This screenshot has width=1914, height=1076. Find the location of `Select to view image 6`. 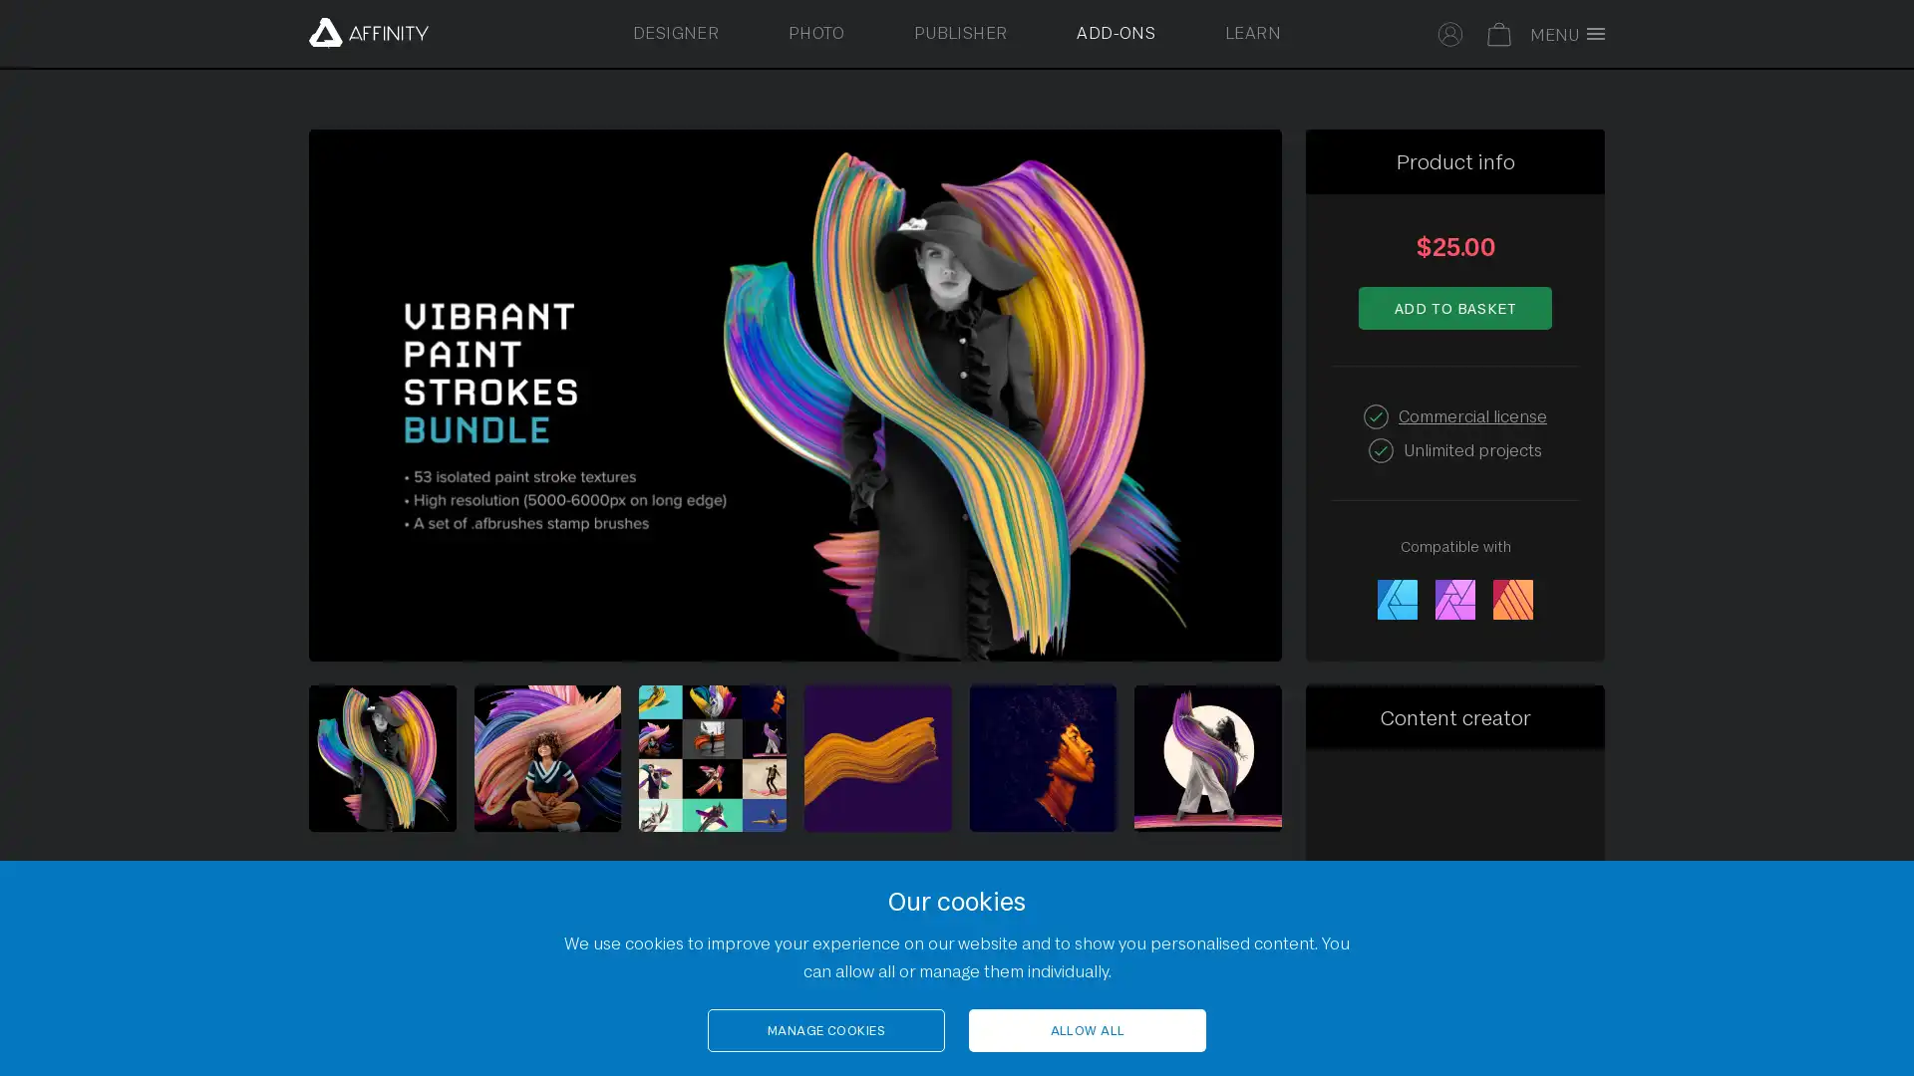

Select to view image 6 is located at coordinates (1206, 757).